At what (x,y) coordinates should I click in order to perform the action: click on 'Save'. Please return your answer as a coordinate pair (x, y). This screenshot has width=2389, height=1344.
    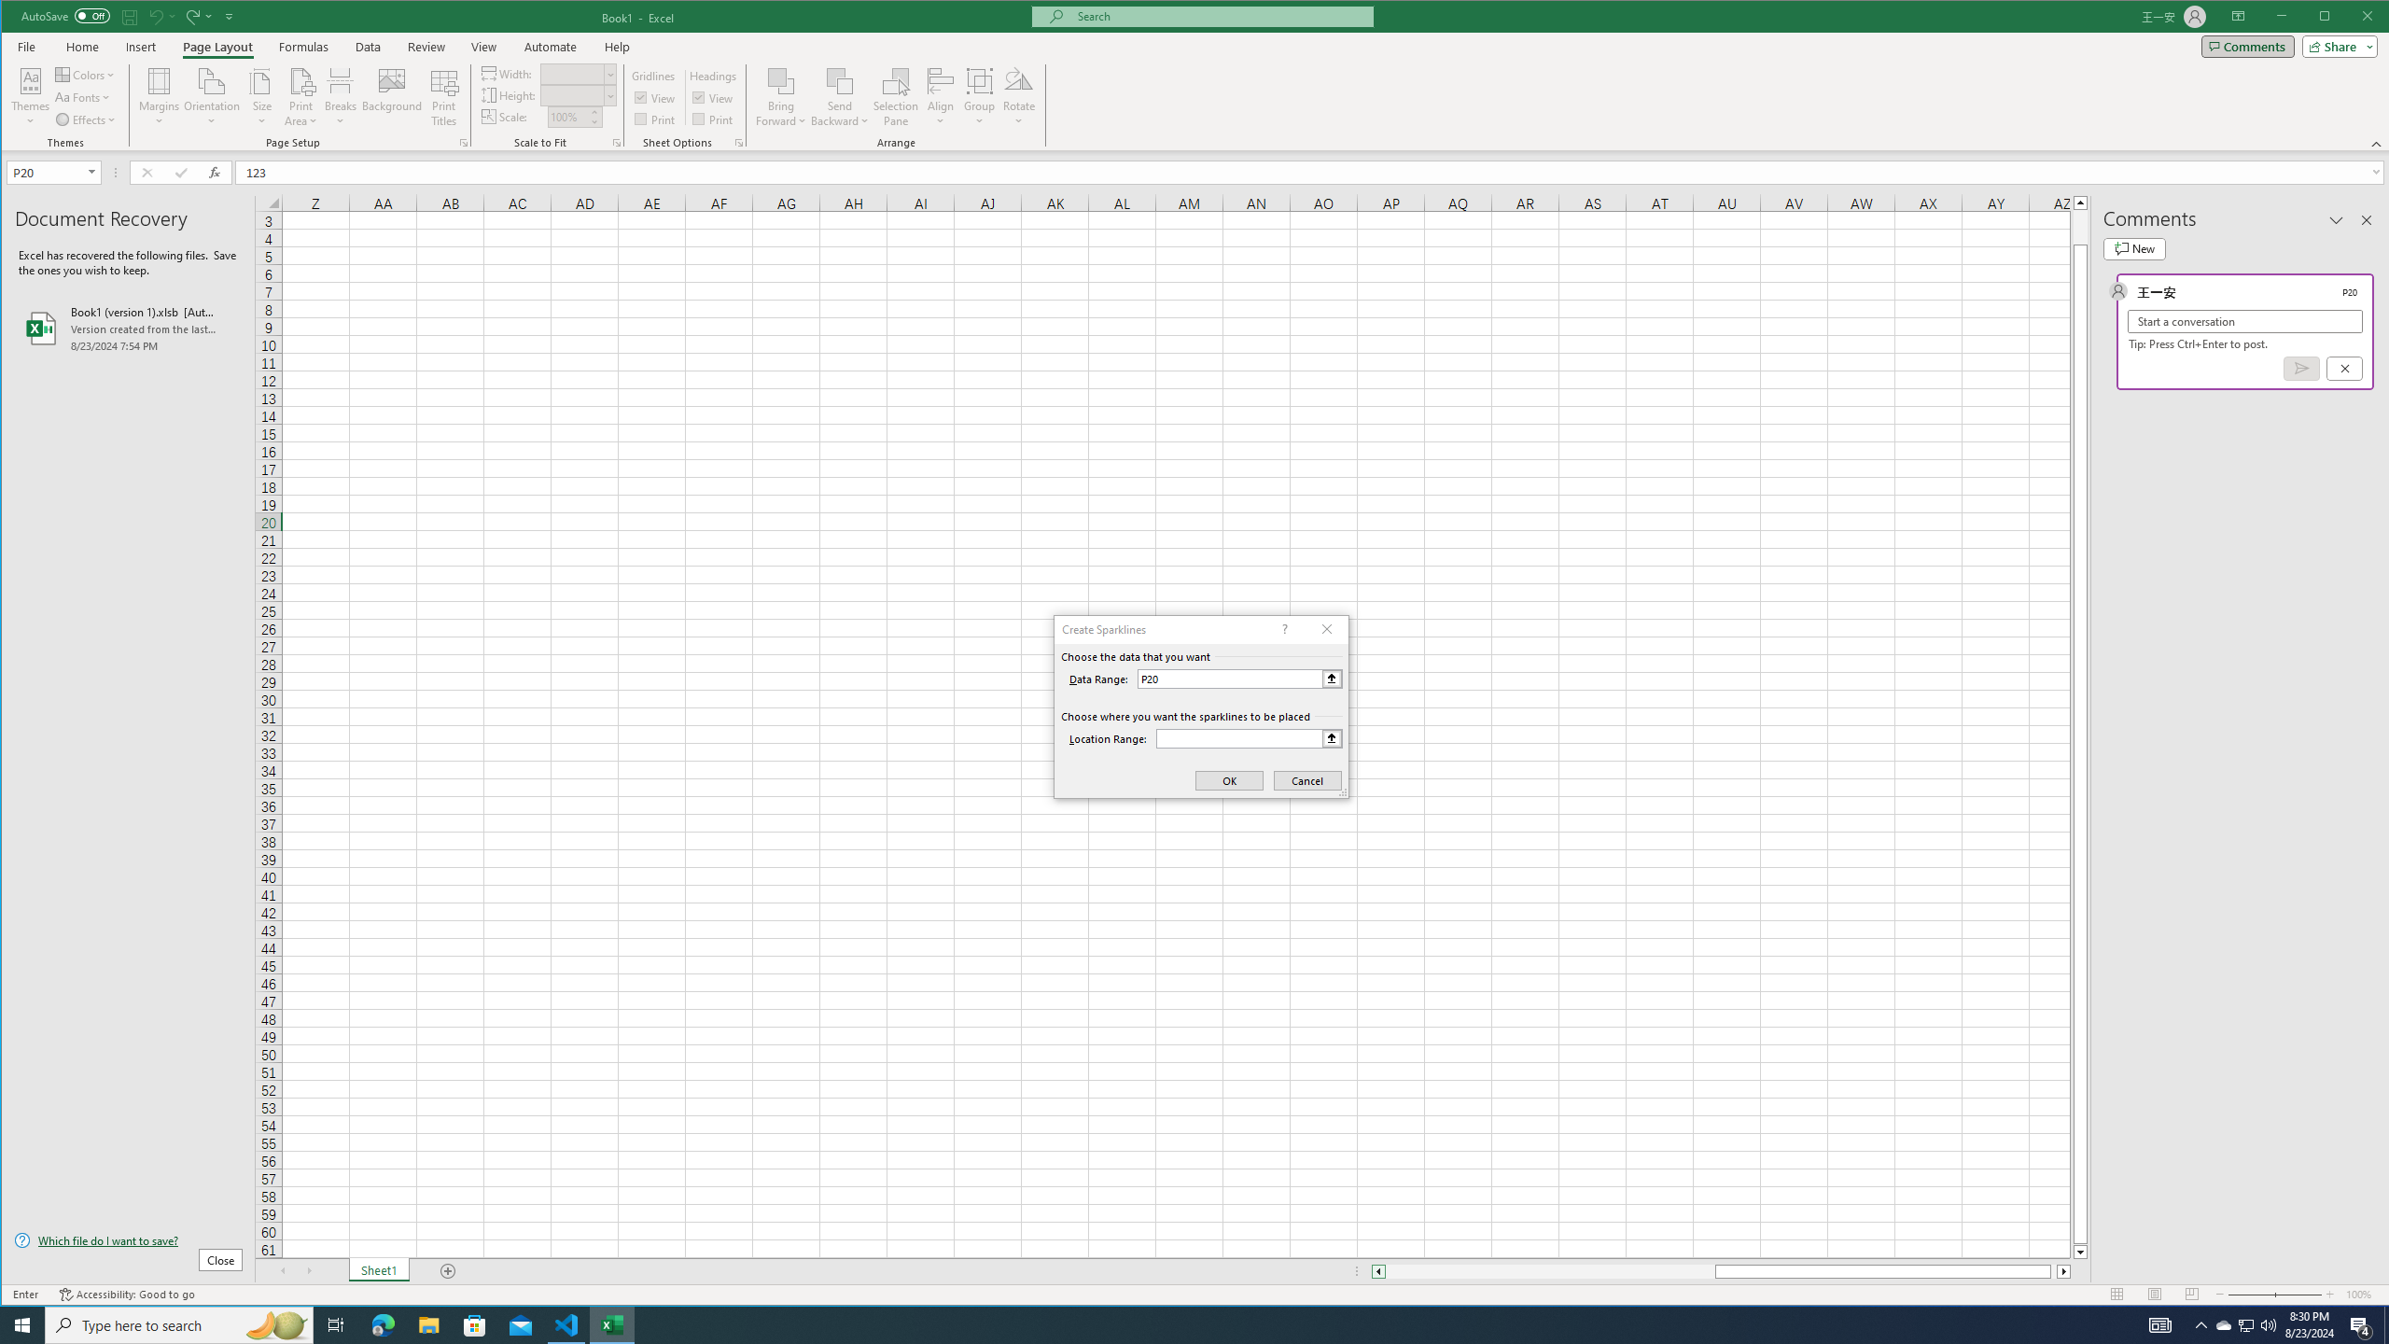
    Looking at the image, I should click on (129, 15).